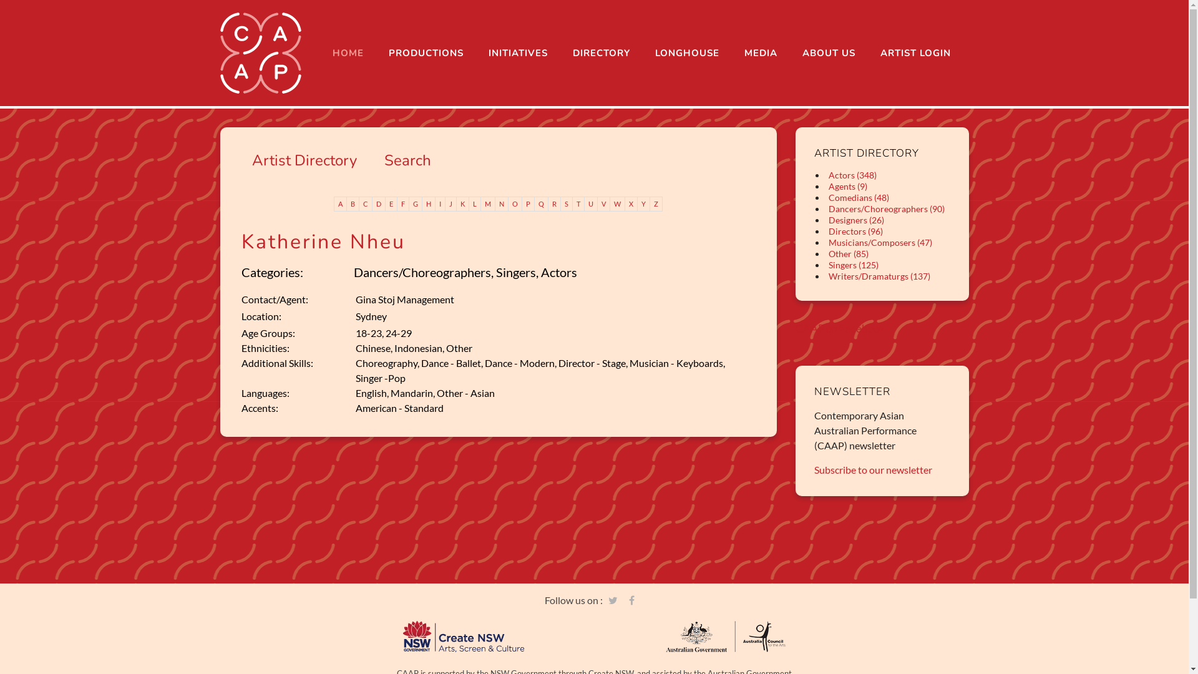 This screenshot has height=674, width=1198. Describe the element at coordinates (515, 203) in the screenshot. I see `'O'` at that location.